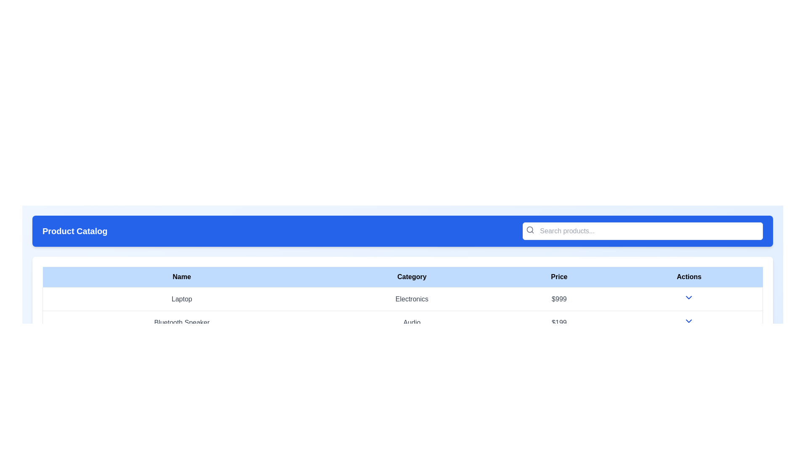 The width and height of the screenshot is (808, 454). What do you see at coordinates (402, 298) in the screenshot?
I see `the 'Electronics' text label element, which is styled in gray and located in the second column of the first row under the 'Category' header in the table layout` at bounding box center [402, 298].